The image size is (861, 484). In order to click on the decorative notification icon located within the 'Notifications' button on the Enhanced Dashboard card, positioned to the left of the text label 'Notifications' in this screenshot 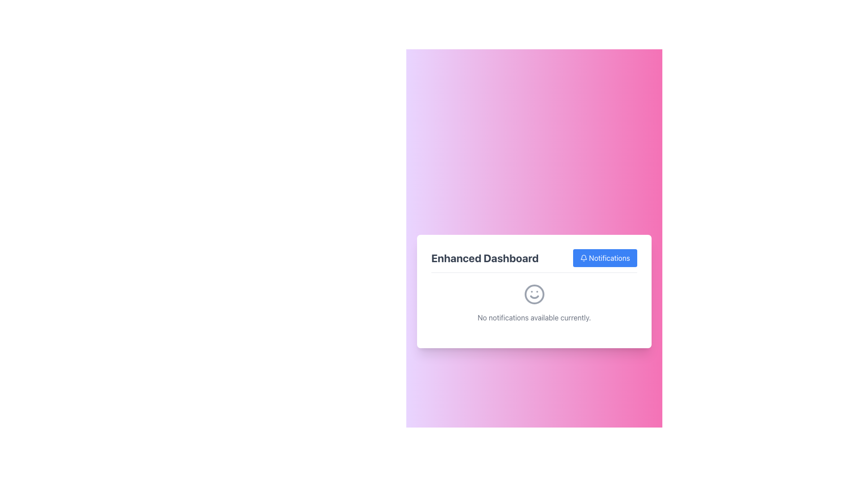, I will do `click(583, 258)`.